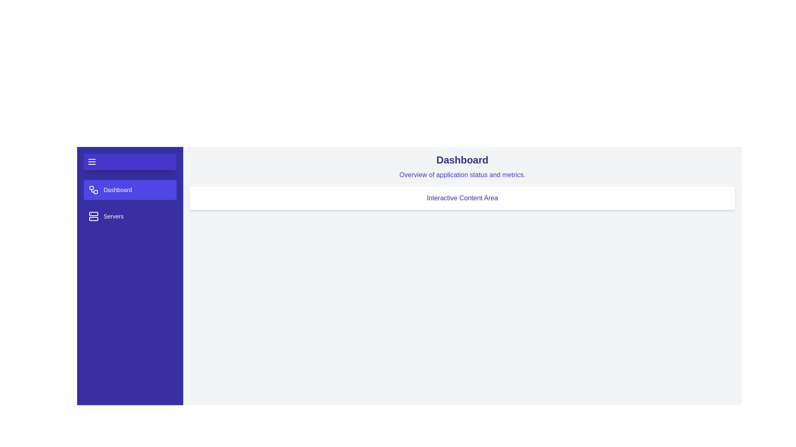 This screenshot has height=447, width=796. What do you see at coordinates (129, 190) in the screenshot?
I see `the menu item labeled 'Dashboard' to update the main content area` at bounding box center [129, 190].